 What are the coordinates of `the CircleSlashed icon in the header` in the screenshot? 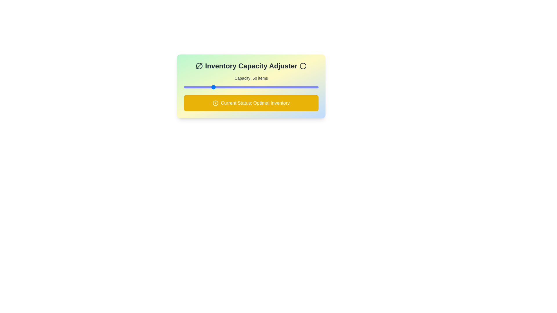 It's located at (199, 65).